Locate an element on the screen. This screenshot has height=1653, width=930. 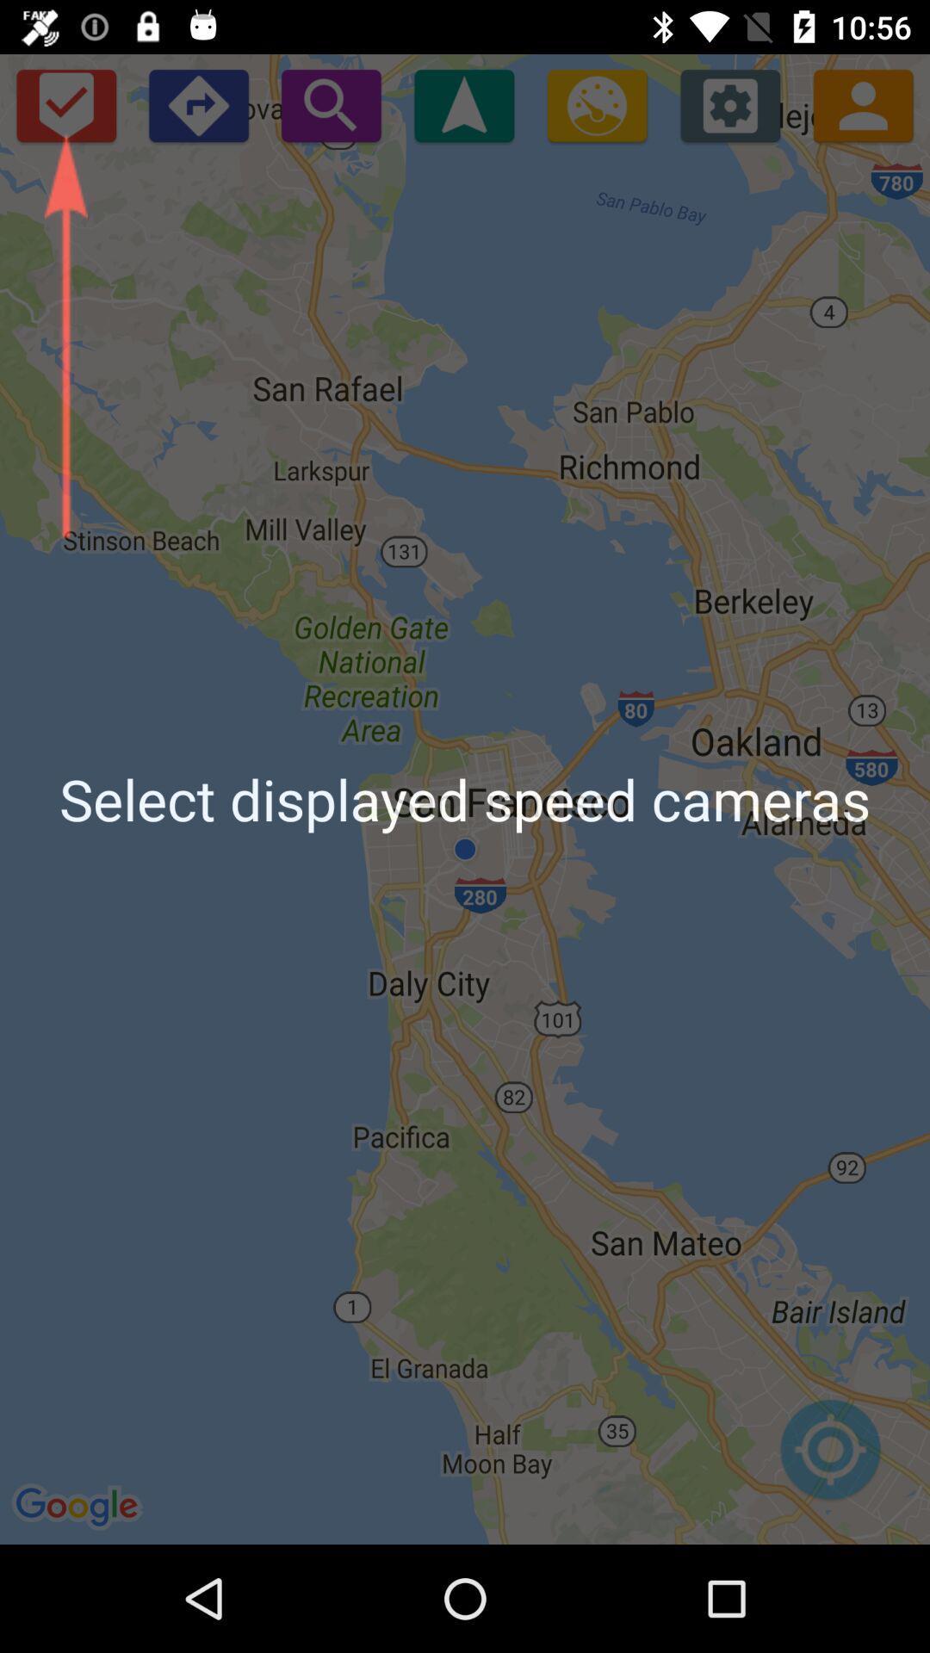
page up is located at coordinates (463, 104).